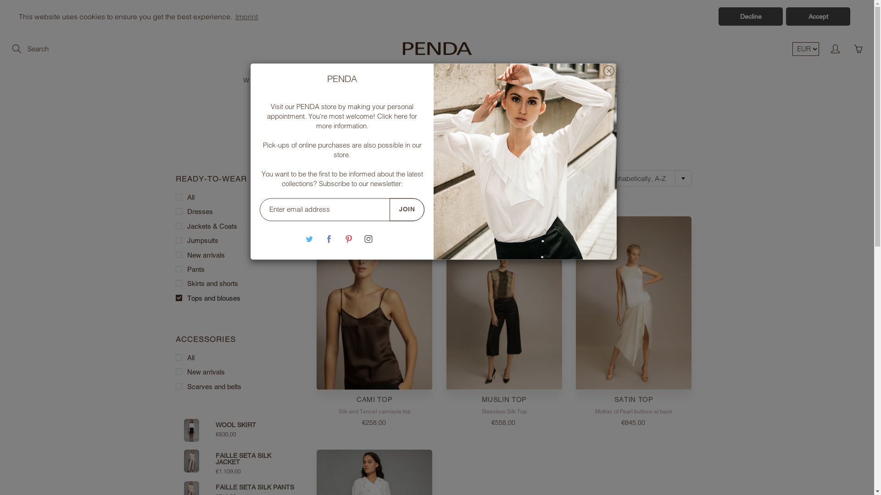 This screenshot has height=495, width=881. I want to click on 'Click here', so click(392, 115).